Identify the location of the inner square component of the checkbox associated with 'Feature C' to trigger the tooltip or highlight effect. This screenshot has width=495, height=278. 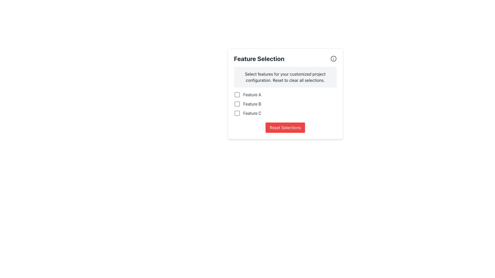
(237, 113).